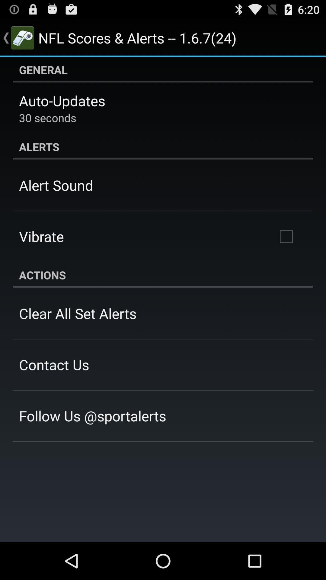 The width and height of the screenshot is (326, 580). What do you see at coordinates (56, 185) in the screenshot?
I see `app above vibrate item` at bounding box center [56, 185].